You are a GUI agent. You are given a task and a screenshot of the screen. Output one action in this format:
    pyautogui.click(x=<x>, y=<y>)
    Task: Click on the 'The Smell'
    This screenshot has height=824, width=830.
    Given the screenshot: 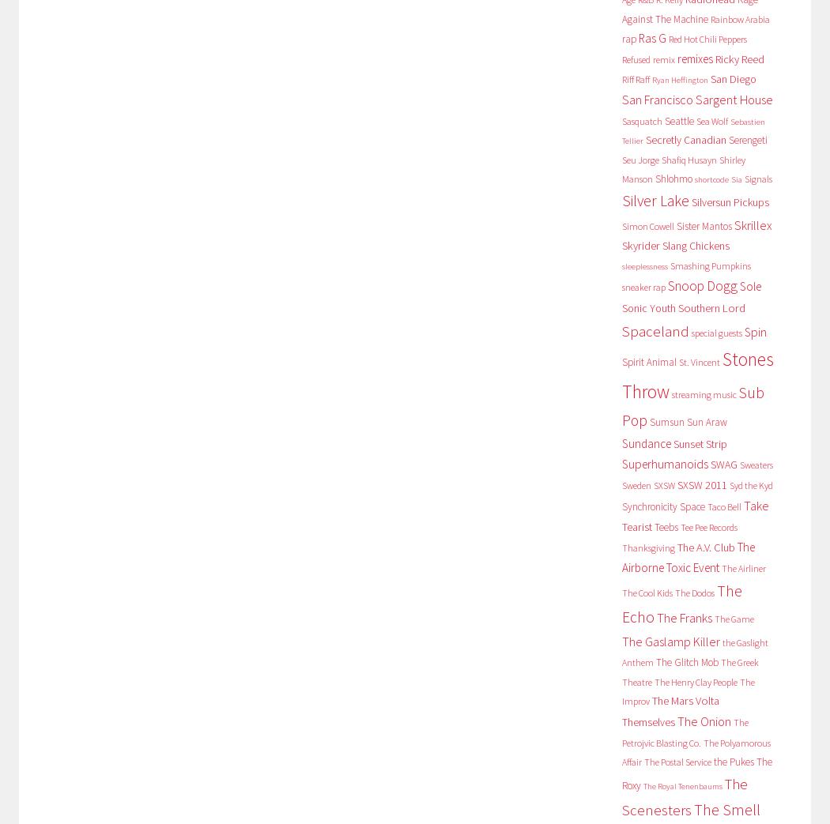 What is the action you would take?
    pyautogui.click(x=726, y=809)
    